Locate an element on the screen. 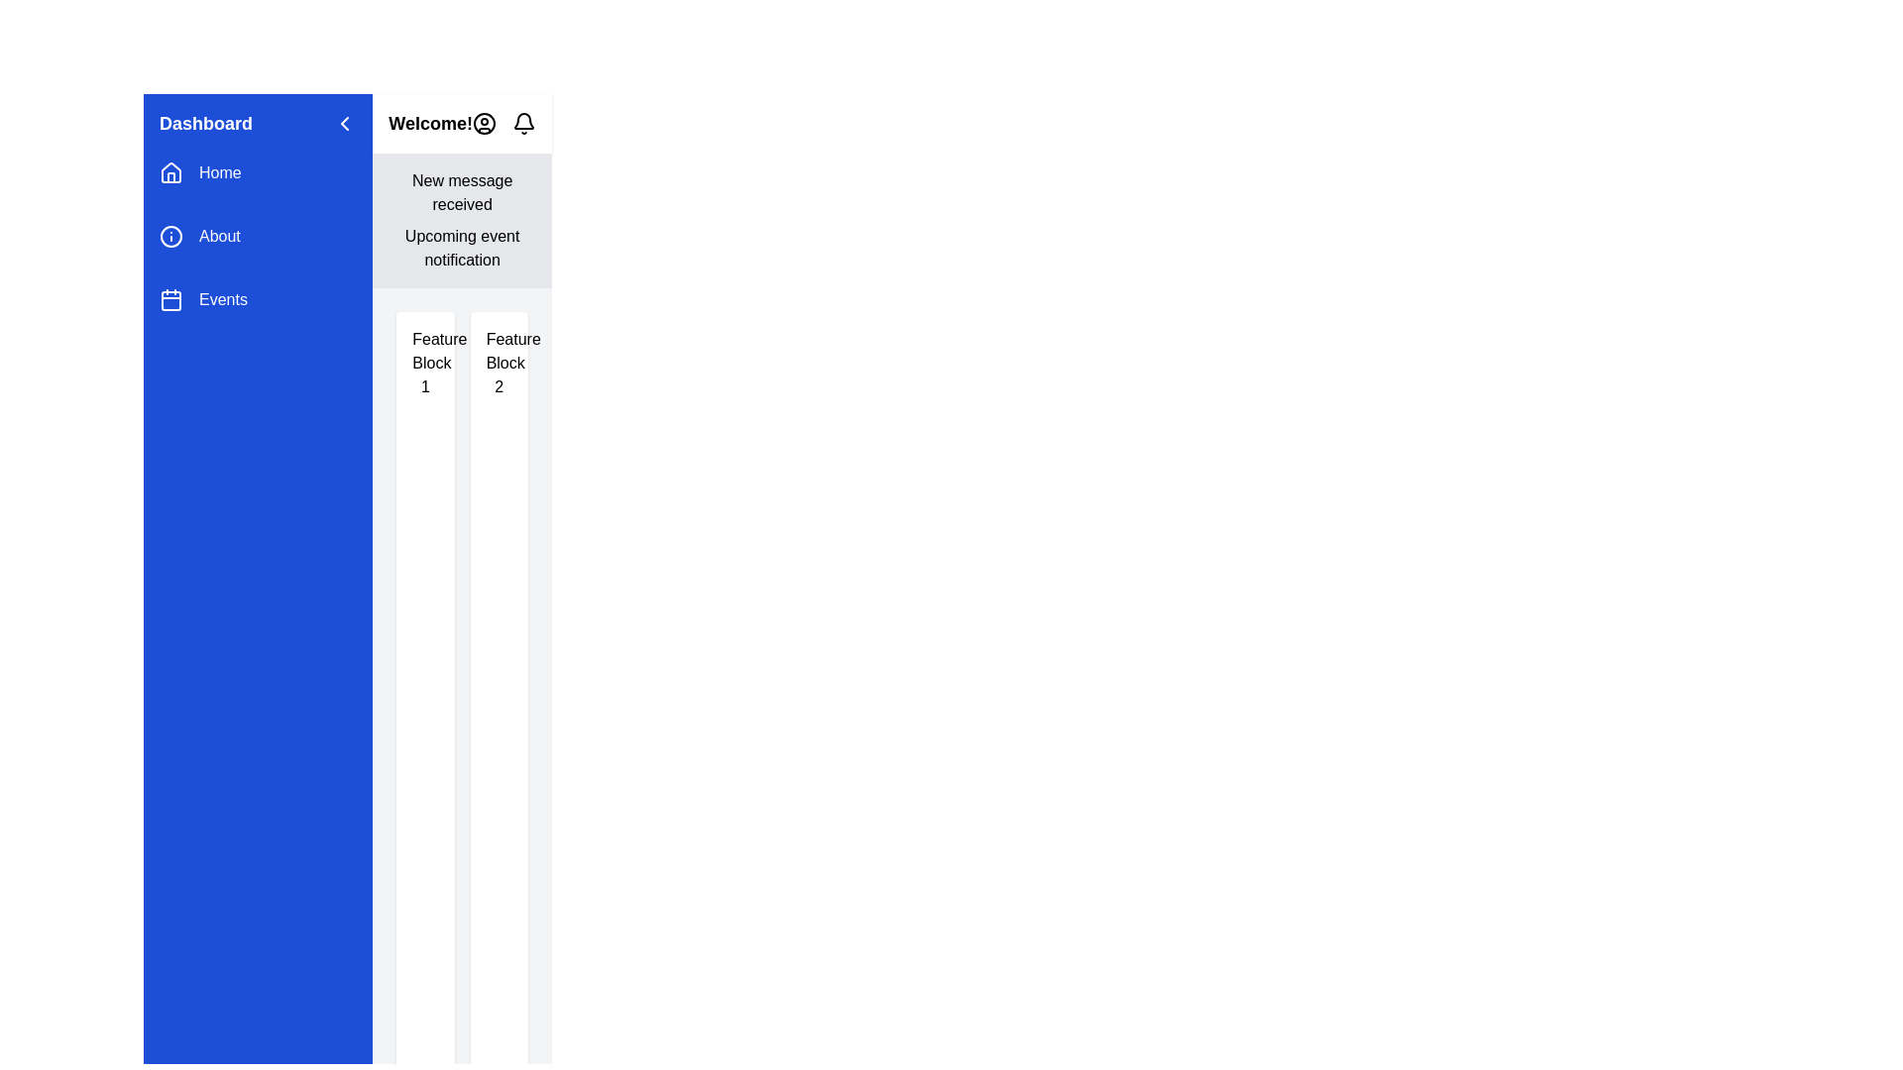  the 'Events' text label in the blue left-hand sidebar, which is the third item in the navigation menu below 'Home' and 'About' is located at coordinates (223, 300).